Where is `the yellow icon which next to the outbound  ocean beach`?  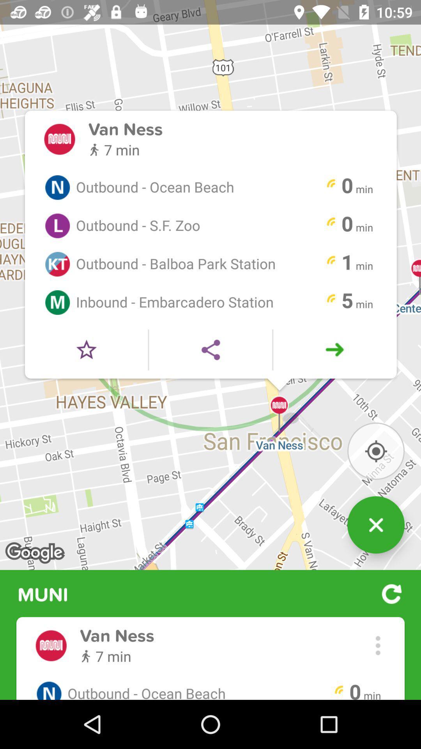 the yellow icon which next to the outbound  ocean beach is located at coordinates (331, 184).